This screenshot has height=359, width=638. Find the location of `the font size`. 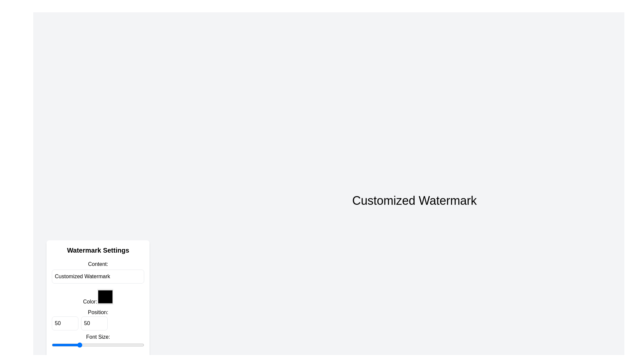

the font size is located at coordinates (108, 344).